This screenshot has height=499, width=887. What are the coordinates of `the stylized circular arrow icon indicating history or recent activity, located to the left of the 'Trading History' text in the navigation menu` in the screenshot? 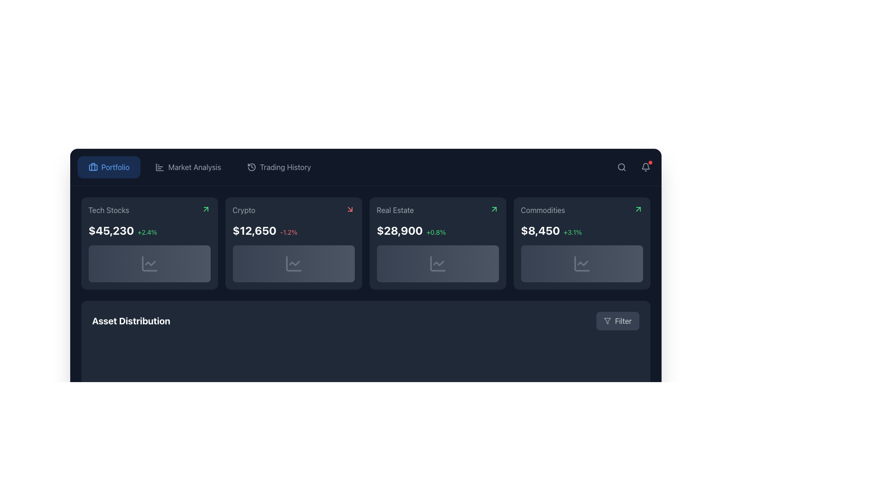 It's located at (251, 167).